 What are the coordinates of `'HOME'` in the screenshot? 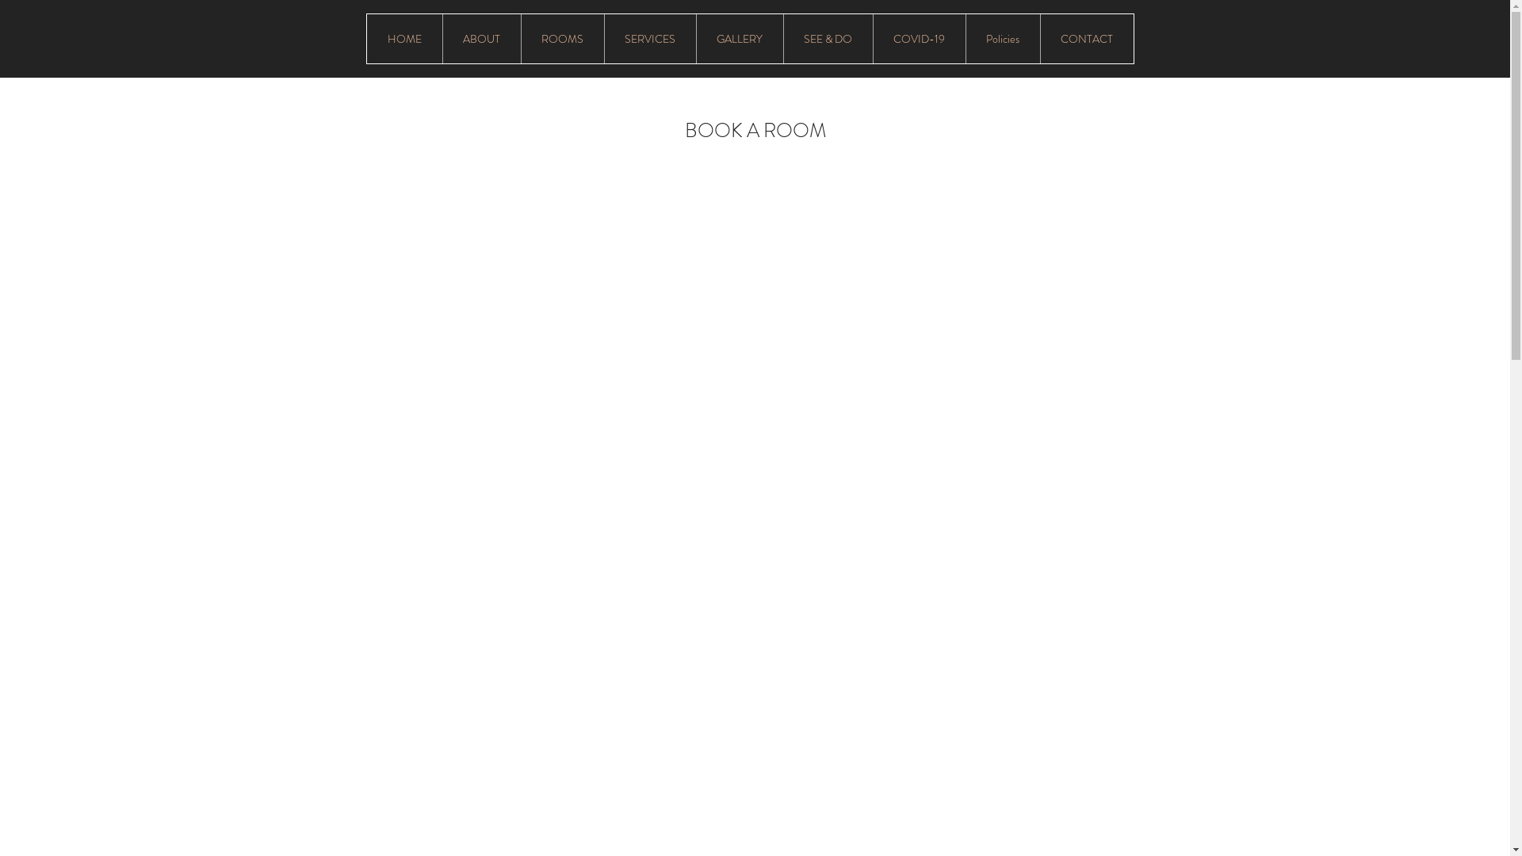 It's located at (403, 38).